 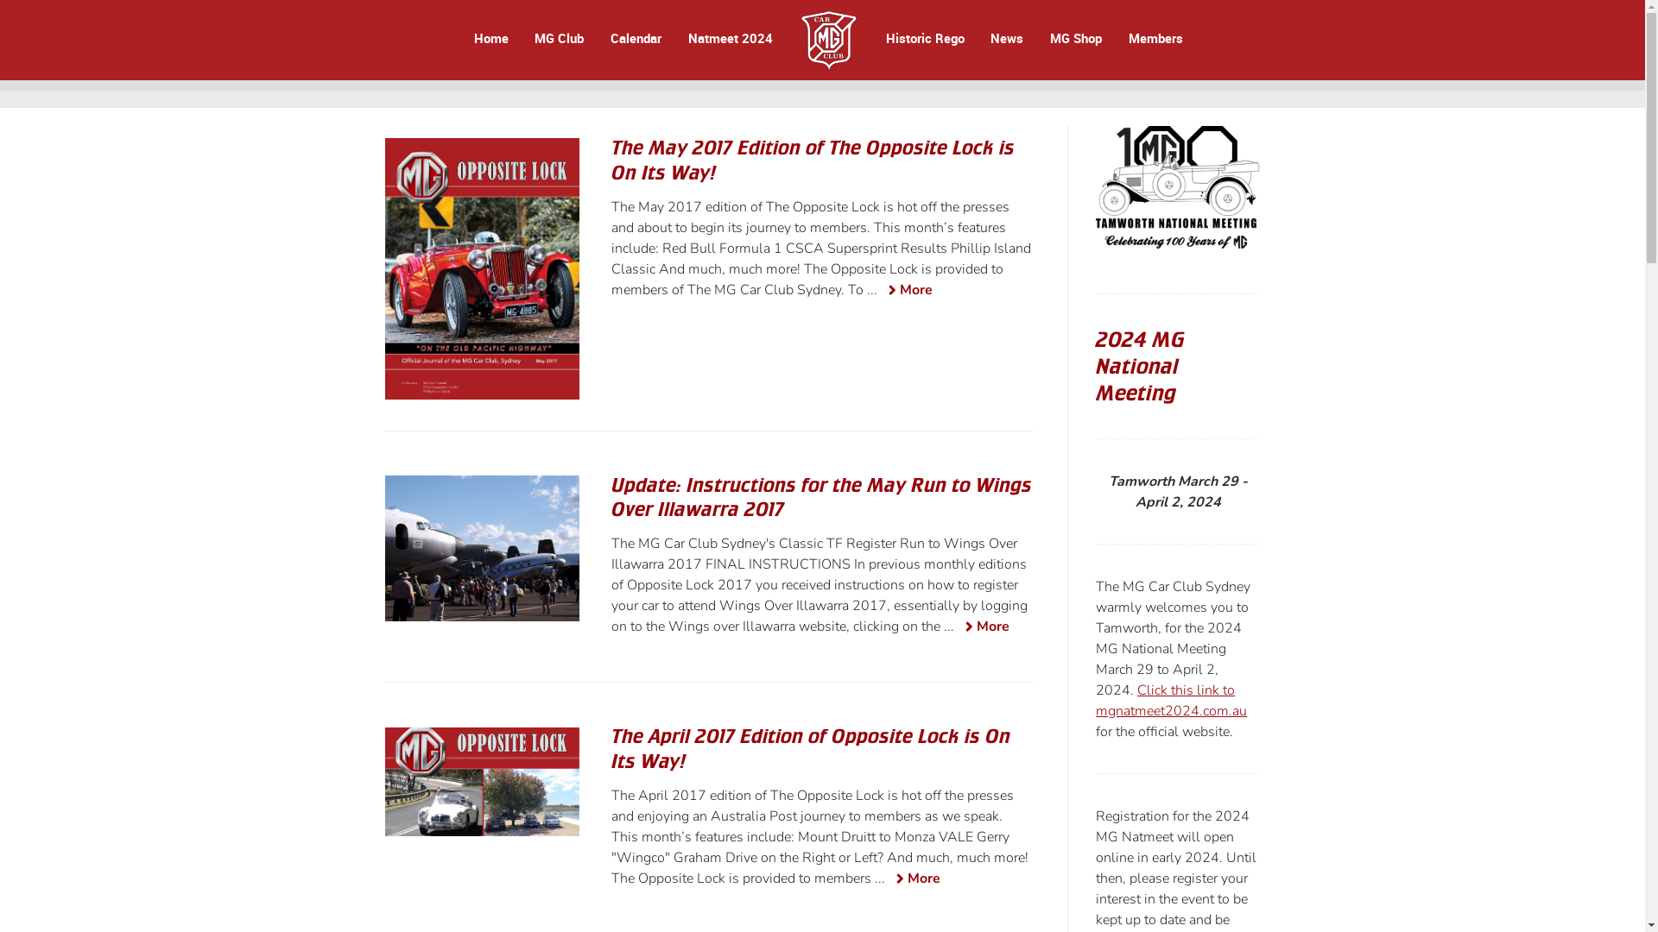 I want to click on 'The May 2017 Edition of The Opposite Lock is On Its Way!', so click(x=812, y=160).